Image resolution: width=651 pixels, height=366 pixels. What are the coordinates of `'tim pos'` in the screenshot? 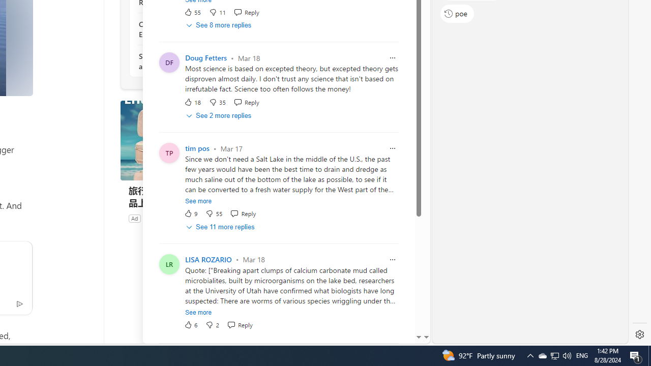 It's located at (197, 148).